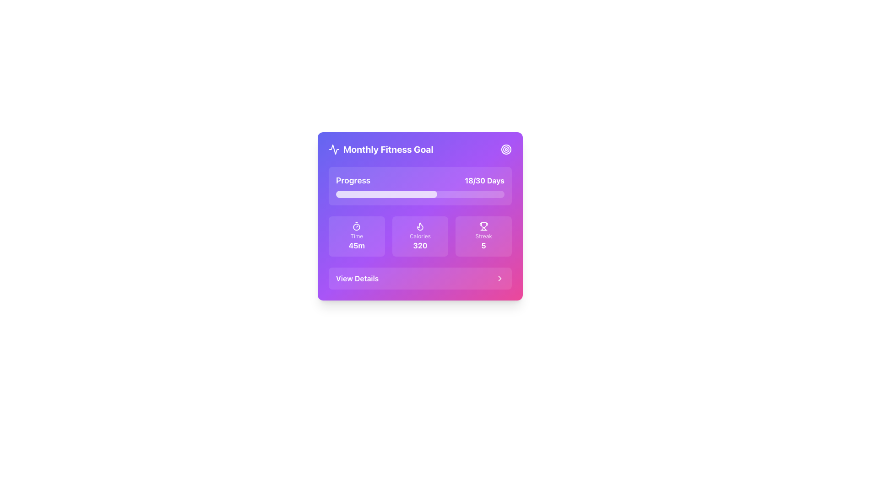 This screenshot has width=879, height=494. I want to click on the decorative icon located to the left of the 'Monthly Fitness Goal' heading text to emphasize activity or progress, so click(333, 149).